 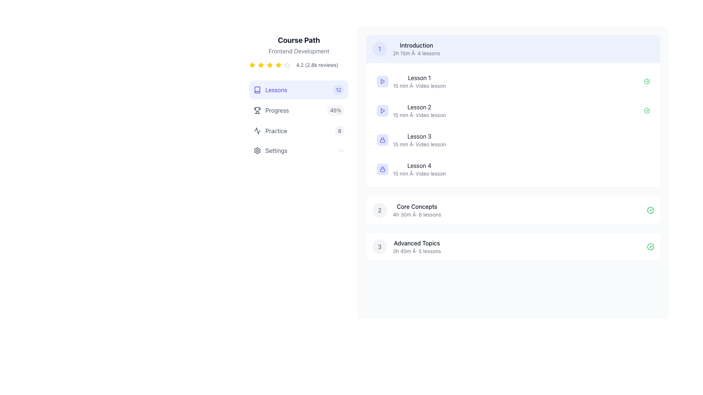 I want to click on the circular green checkmark icon indicating a completed or verified status, located to the far right of the 'Core Concepts' item in the main content section, so click(x=650, y=210).